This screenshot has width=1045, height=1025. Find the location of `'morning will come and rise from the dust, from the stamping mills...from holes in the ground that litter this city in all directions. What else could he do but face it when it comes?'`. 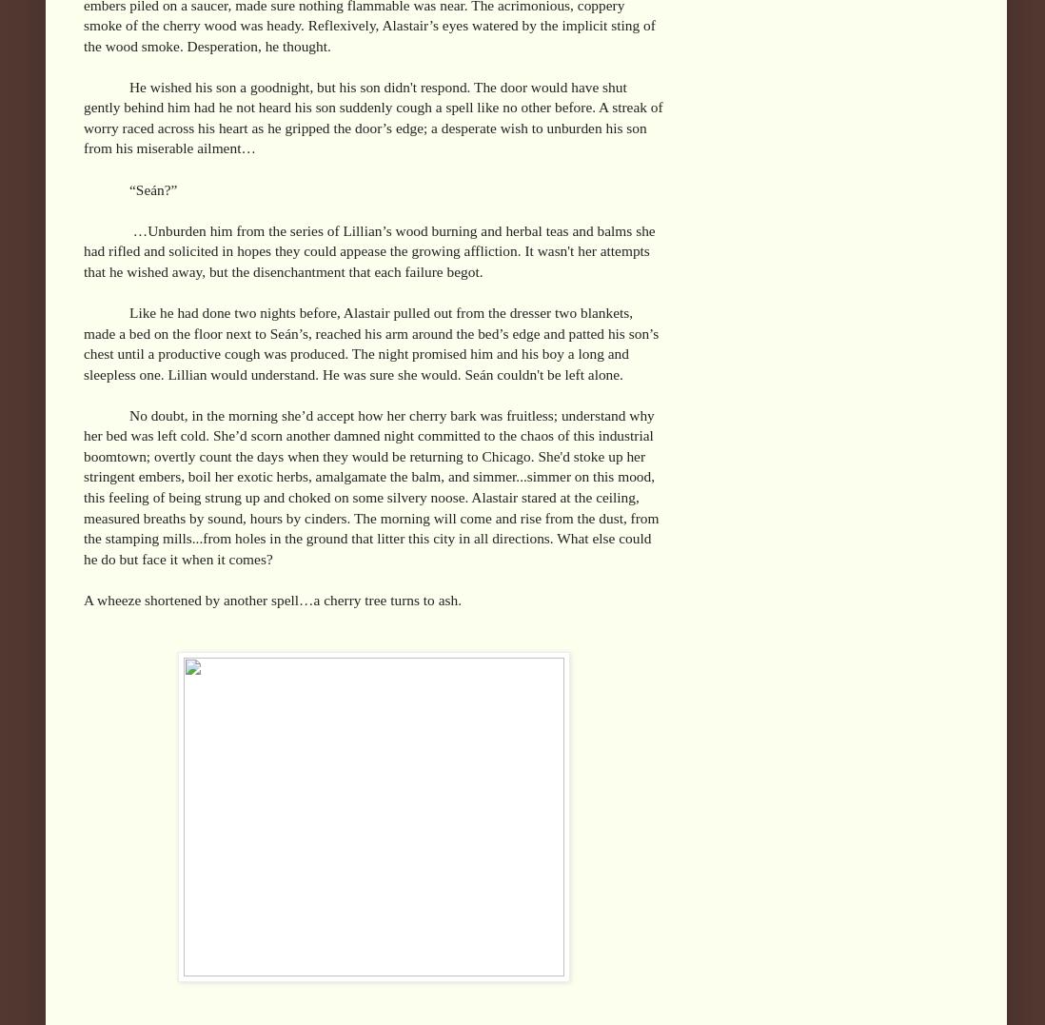

'morning will come and rise from the dust, from the stamping mills...from holes in the ground that litter this city in all directions. What else could he do but face it when it comes?' is located at coordinates (370, 537).